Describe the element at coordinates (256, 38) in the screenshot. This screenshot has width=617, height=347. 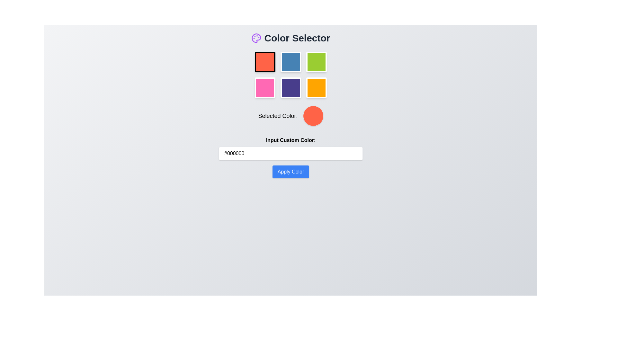
I see `the color selector icon, which is a purple palette graphic with circular design and cut-out patterns, located at the top of the interface` at that location.